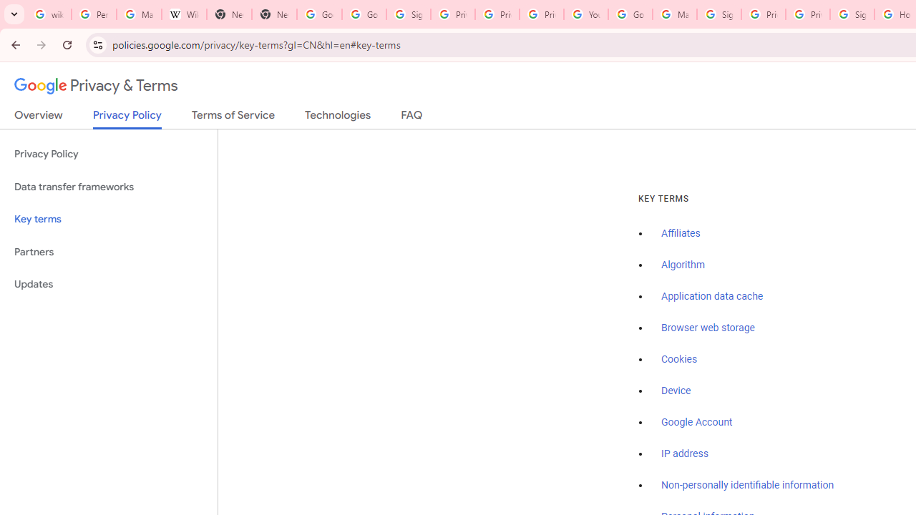 The width and height of the screenshot is (916, 515). Describe the element at coordinates (108, 186) in the screenshot. I see `'Data transfer frameworks'` at that location.